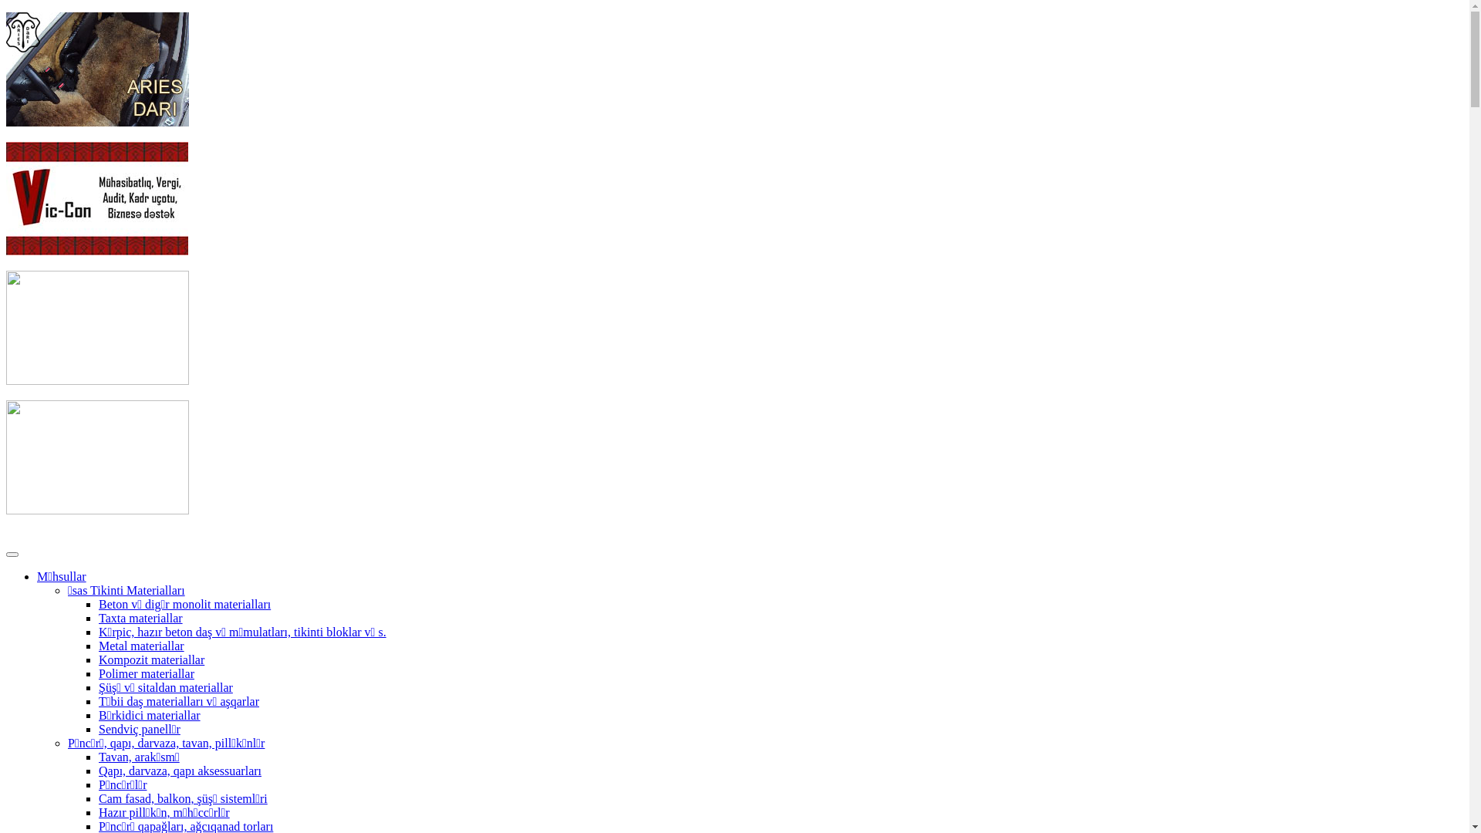 The width and height of the screenshot is (1481, 833). What do you see at coordinates (151, 659) in the screenshot?
I see `'Kompozit materiallar'` at bounding box center [151, 659].